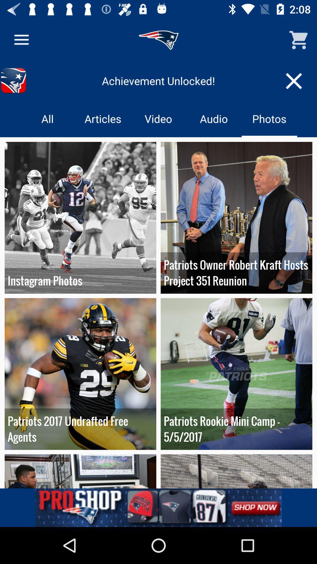  I want to click on the image which is at the bottom left of the page, so click(80, 471).